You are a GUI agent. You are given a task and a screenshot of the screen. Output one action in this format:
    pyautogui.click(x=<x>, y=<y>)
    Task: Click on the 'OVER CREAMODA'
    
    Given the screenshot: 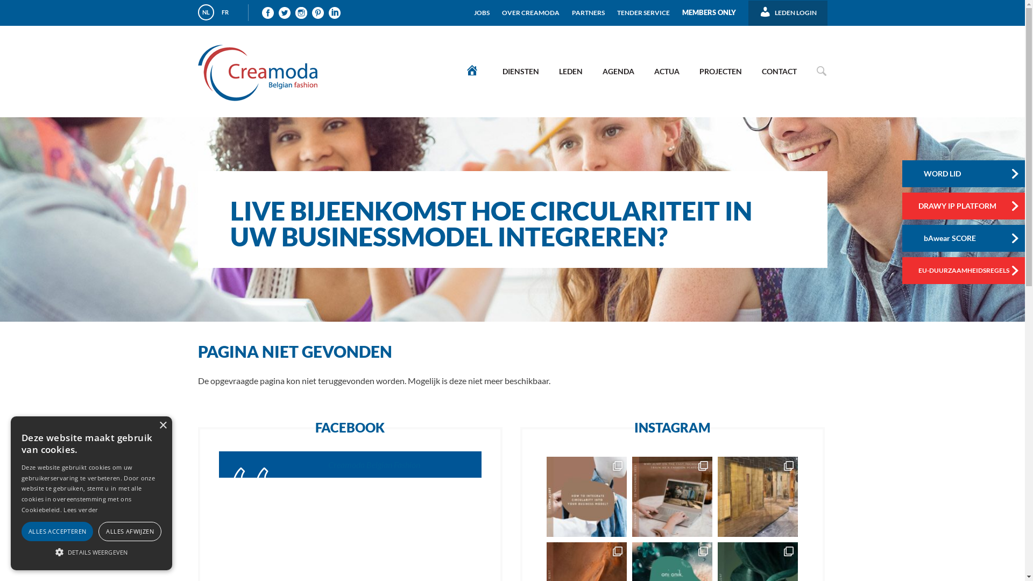 What is the action you would take?
    pyautogui.click(x=530, y=8)
    